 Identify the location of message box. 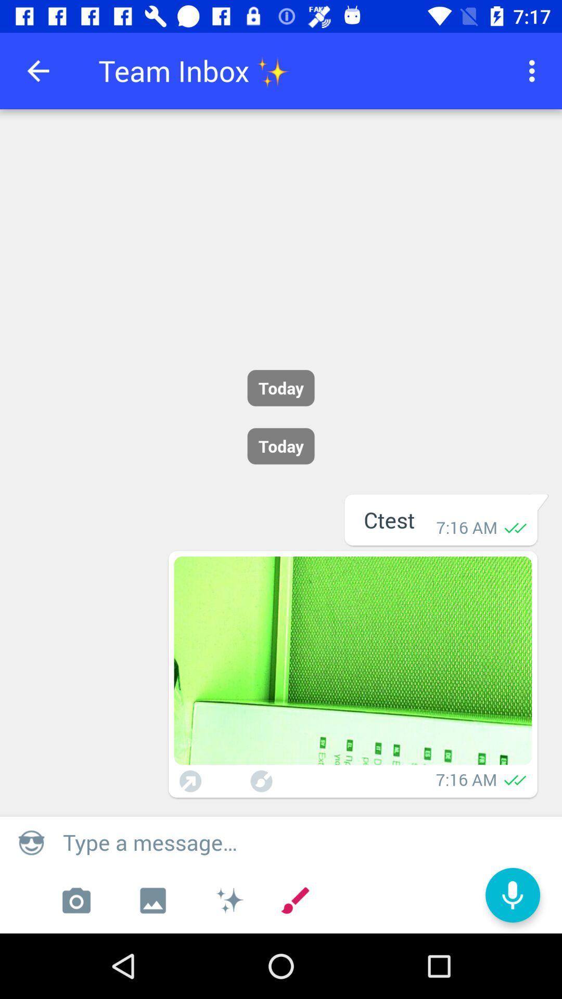
(306, 842).